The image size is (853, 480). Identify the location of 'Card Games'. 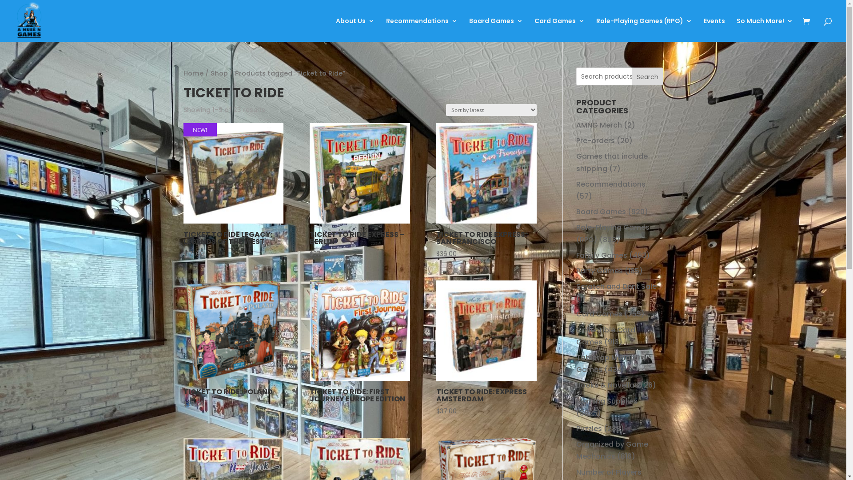
(559, 29).